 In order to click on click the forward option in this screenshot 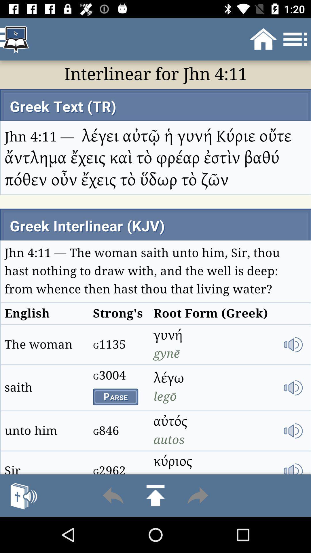, I will do `click(197, 495)`.